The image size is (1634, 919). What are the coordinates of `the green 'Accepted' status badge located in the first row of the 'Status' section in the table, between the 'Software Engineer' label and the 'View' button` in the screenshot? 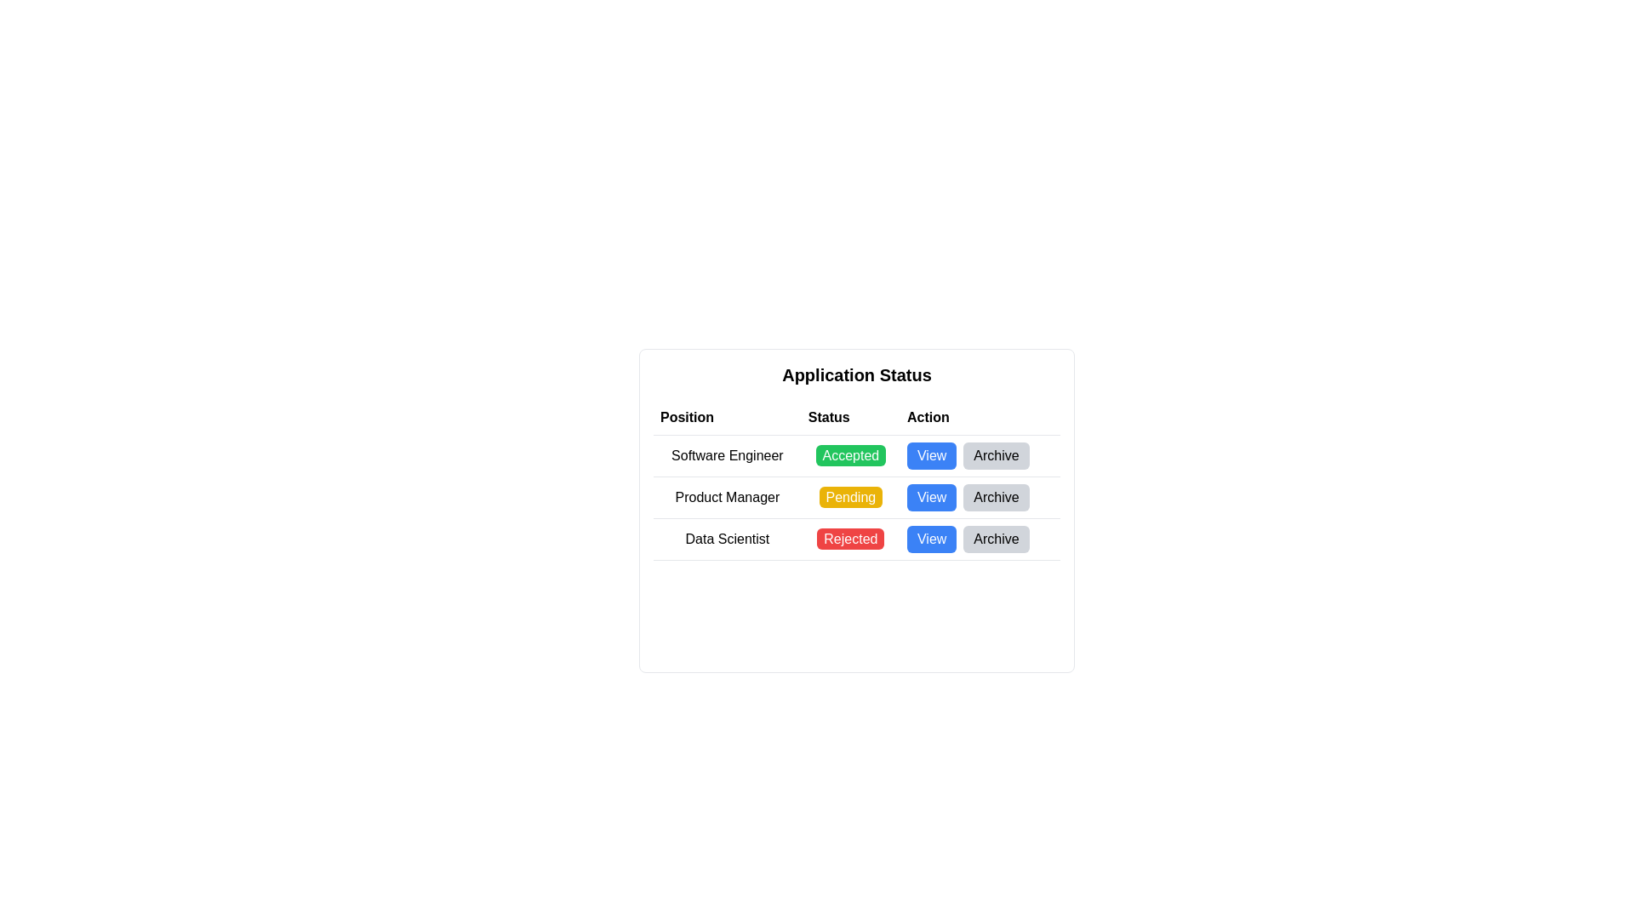 It's located at (850, 455).